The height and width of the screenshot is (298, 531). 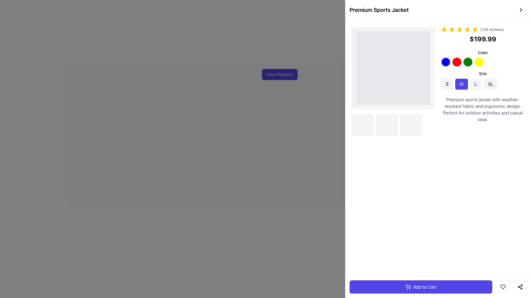 What do you see at coordinates (444, 29) in the screenshot?
I see `the first star in the horizontal sequence of five stars to rate the product, located near the top-right of the product details section above the price information` at bounding box center [444, 29].